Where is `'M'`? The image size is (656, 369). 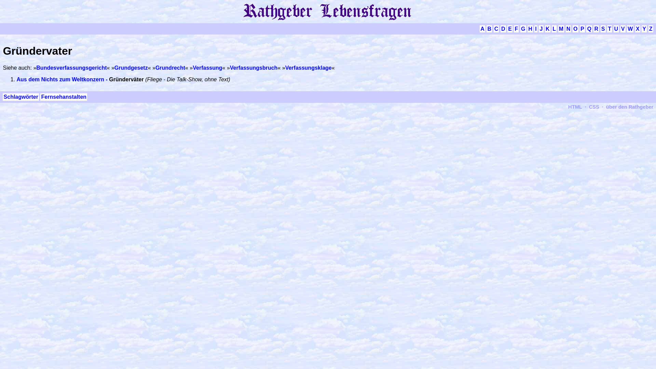
'M' is located at coordinates (561, 28).